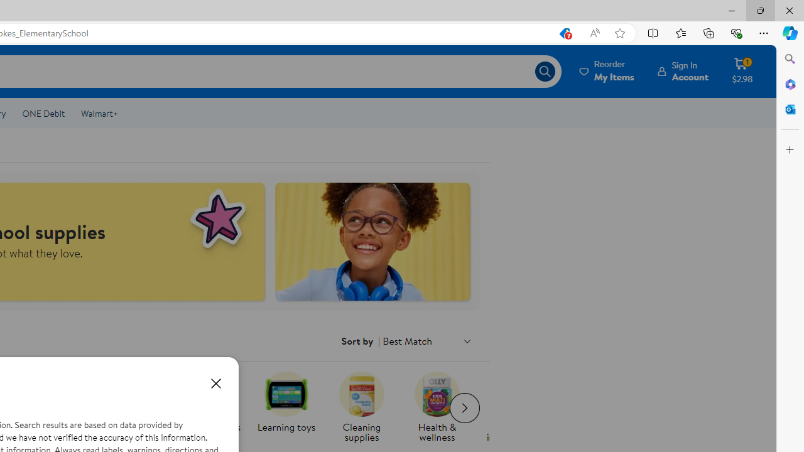  I want to click on 'Close dialog', so click(215, 382).